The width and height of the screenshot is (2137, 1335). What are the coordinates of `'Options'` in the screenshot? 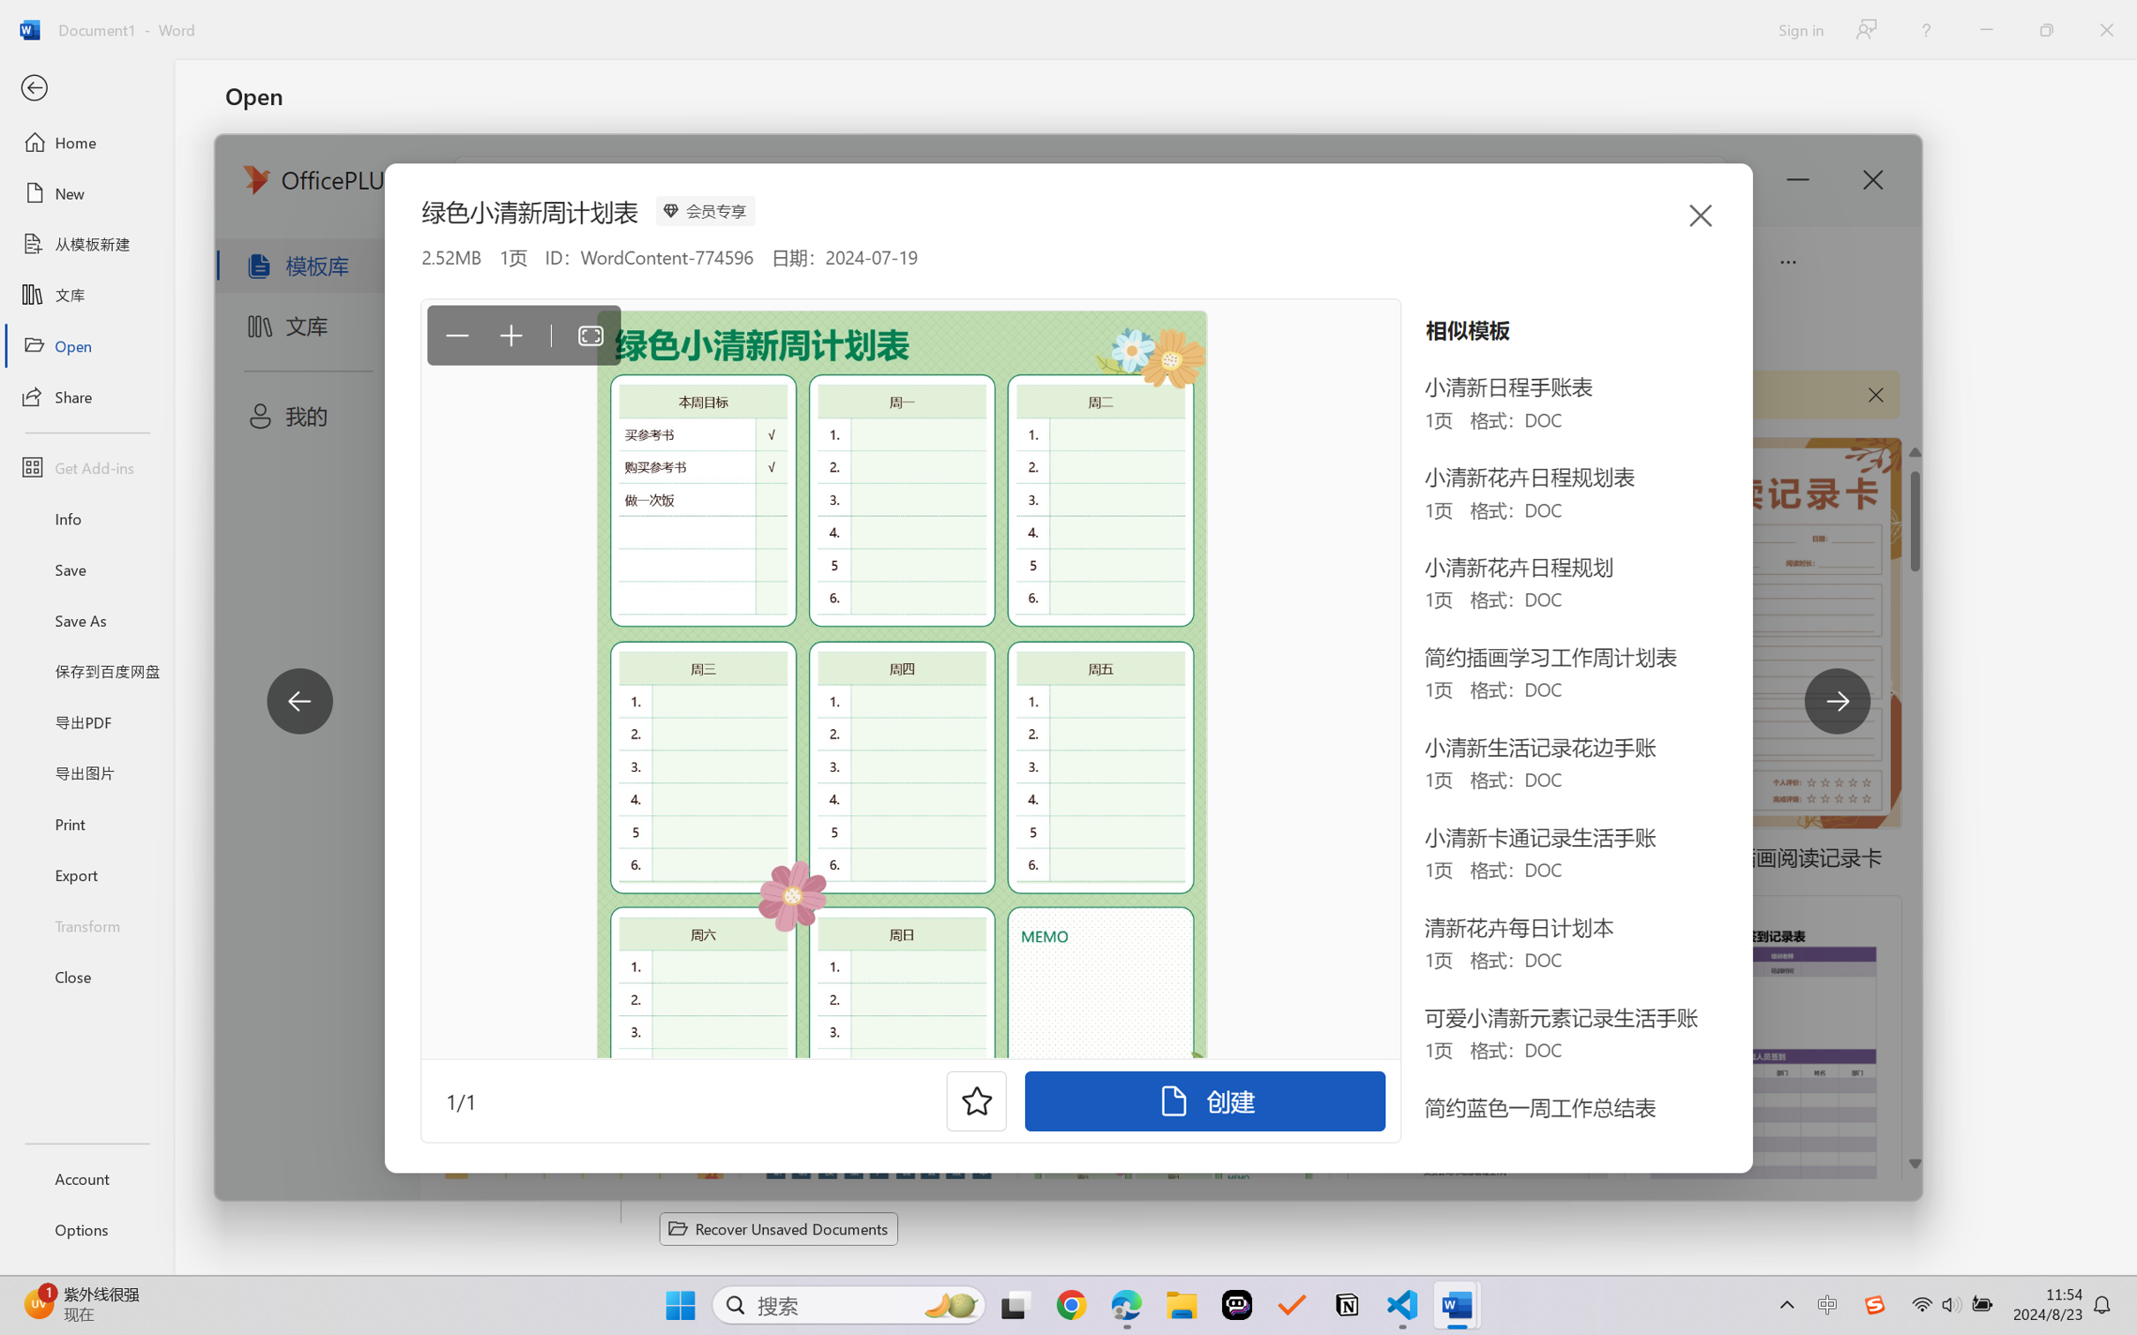 It's located at (86, 1228).